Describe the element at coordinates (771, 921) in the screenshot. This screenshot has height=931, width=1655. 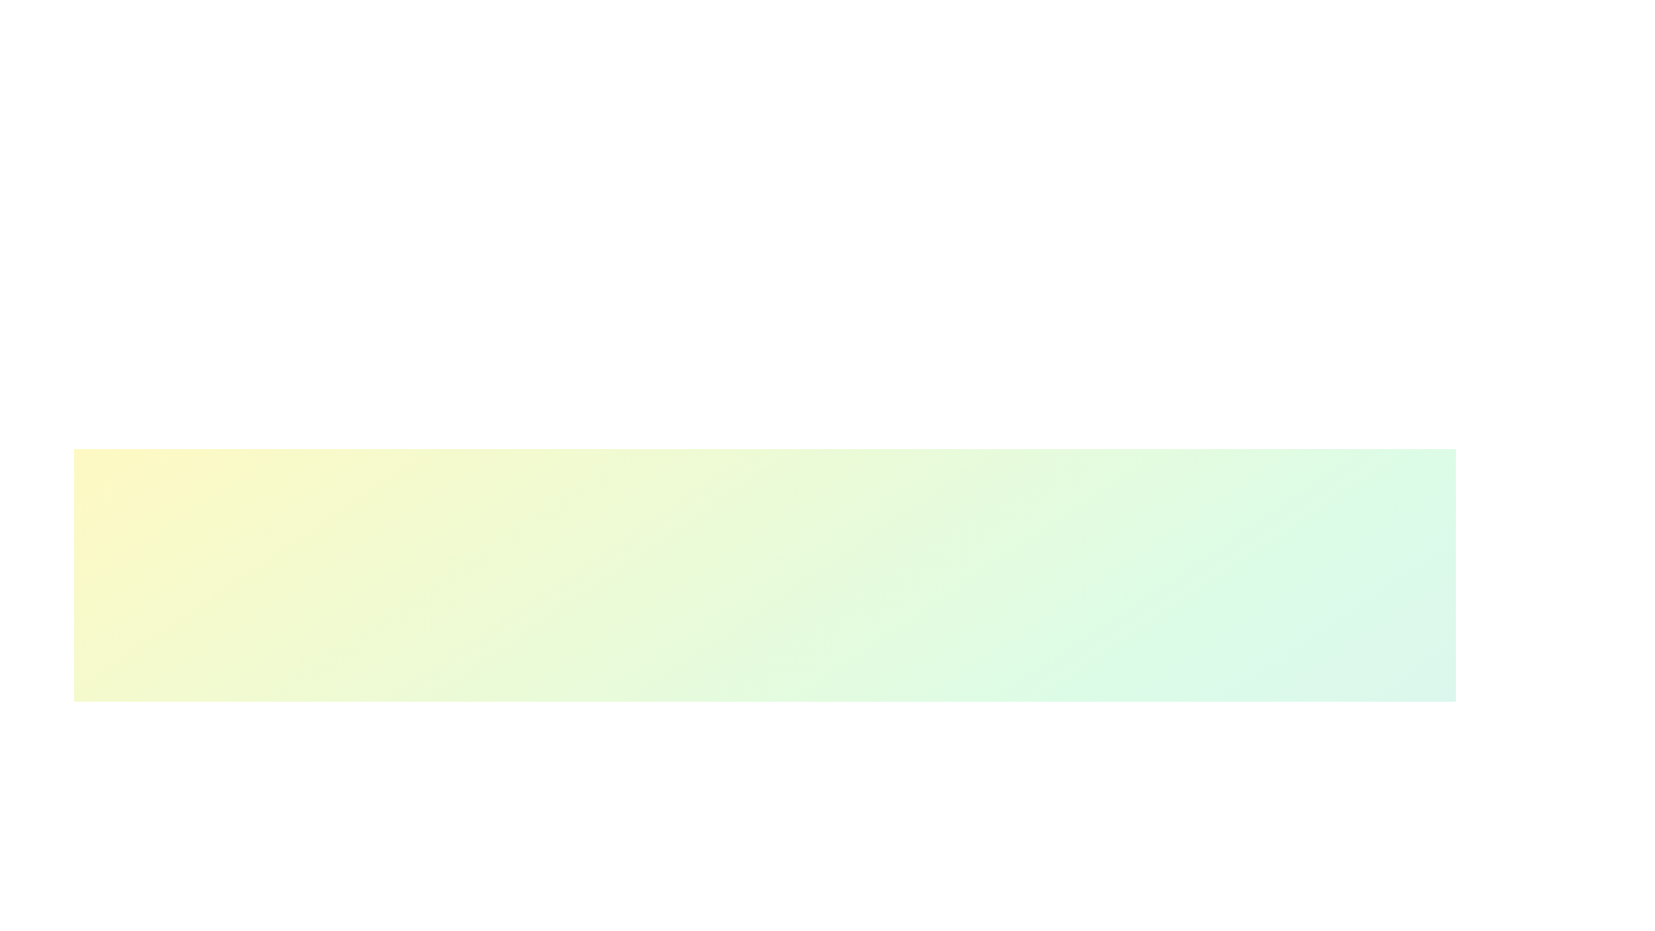
I see `the skill progress slider for 1 to 52%` at that location.